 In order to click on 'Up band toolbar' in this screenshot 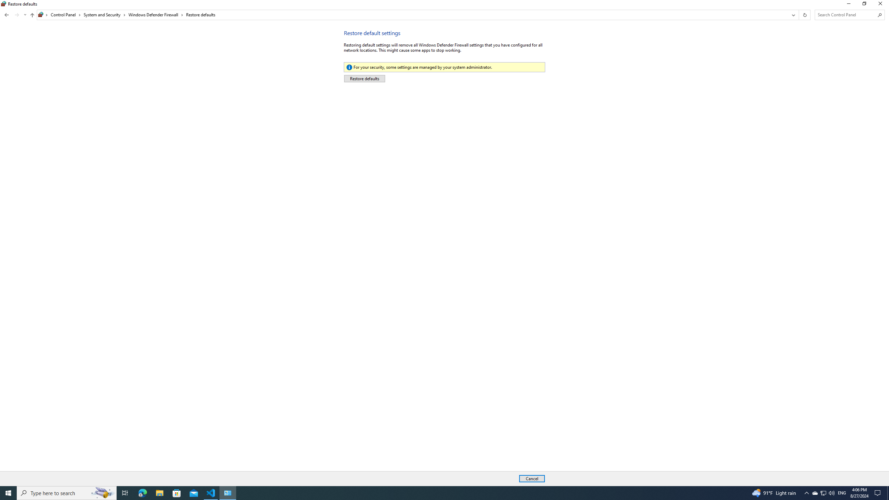, I will do `click(65, 15)`.